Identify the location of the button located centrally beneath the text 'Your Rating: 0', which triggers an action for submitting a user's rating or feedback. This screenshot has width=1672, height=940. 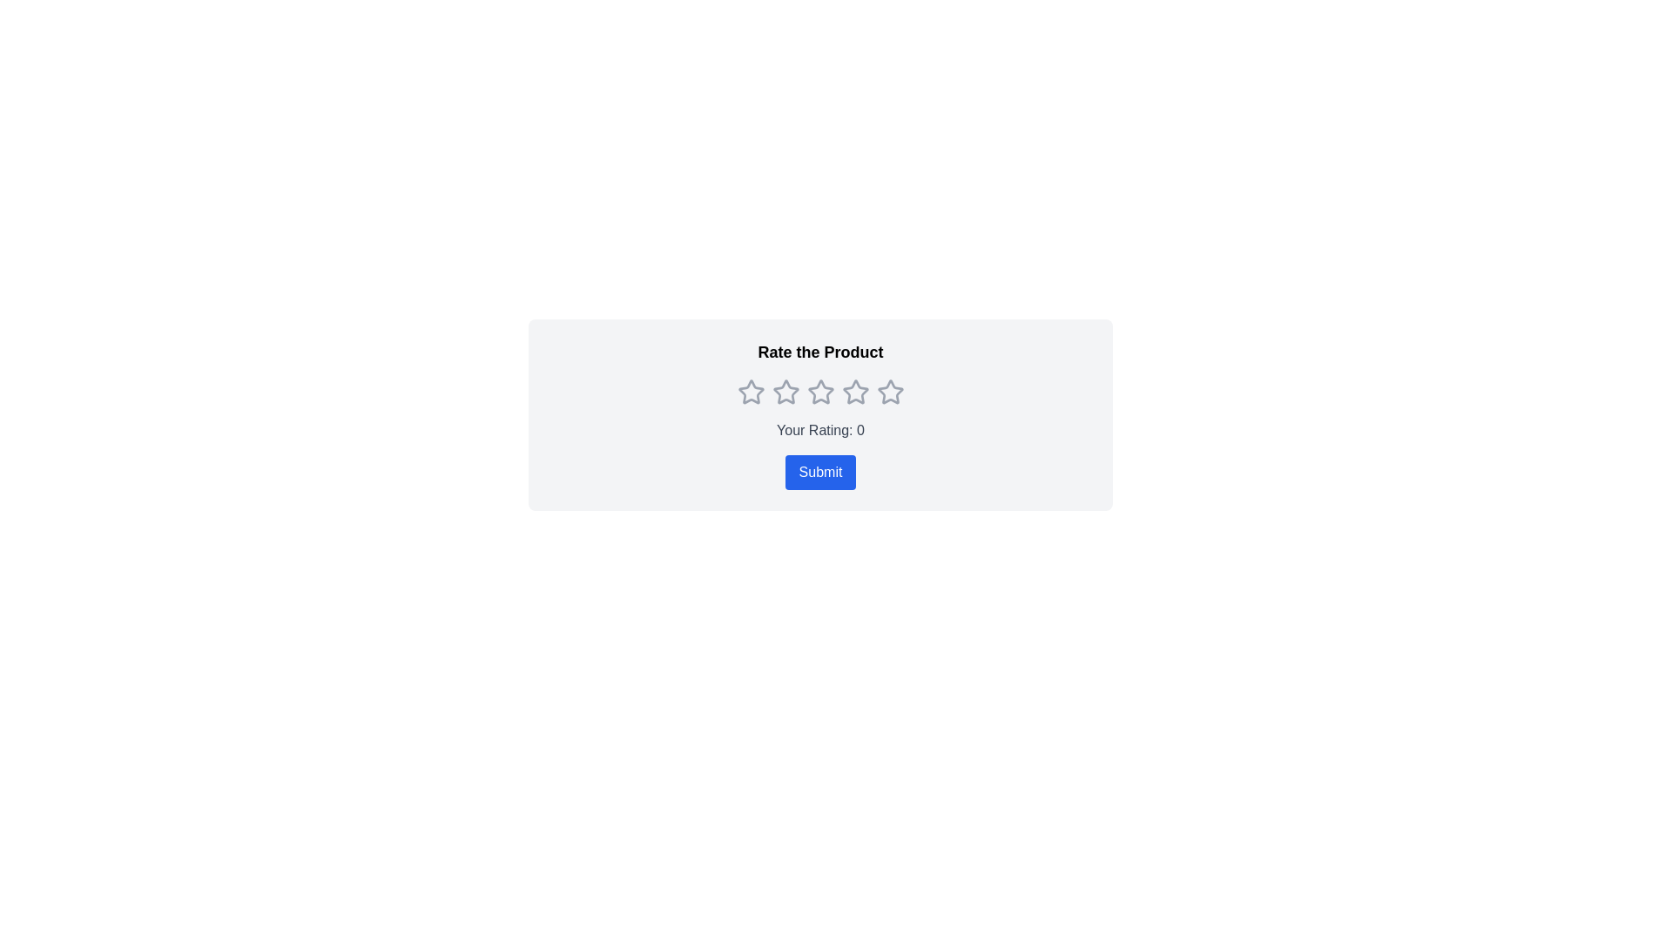
(819, 473).